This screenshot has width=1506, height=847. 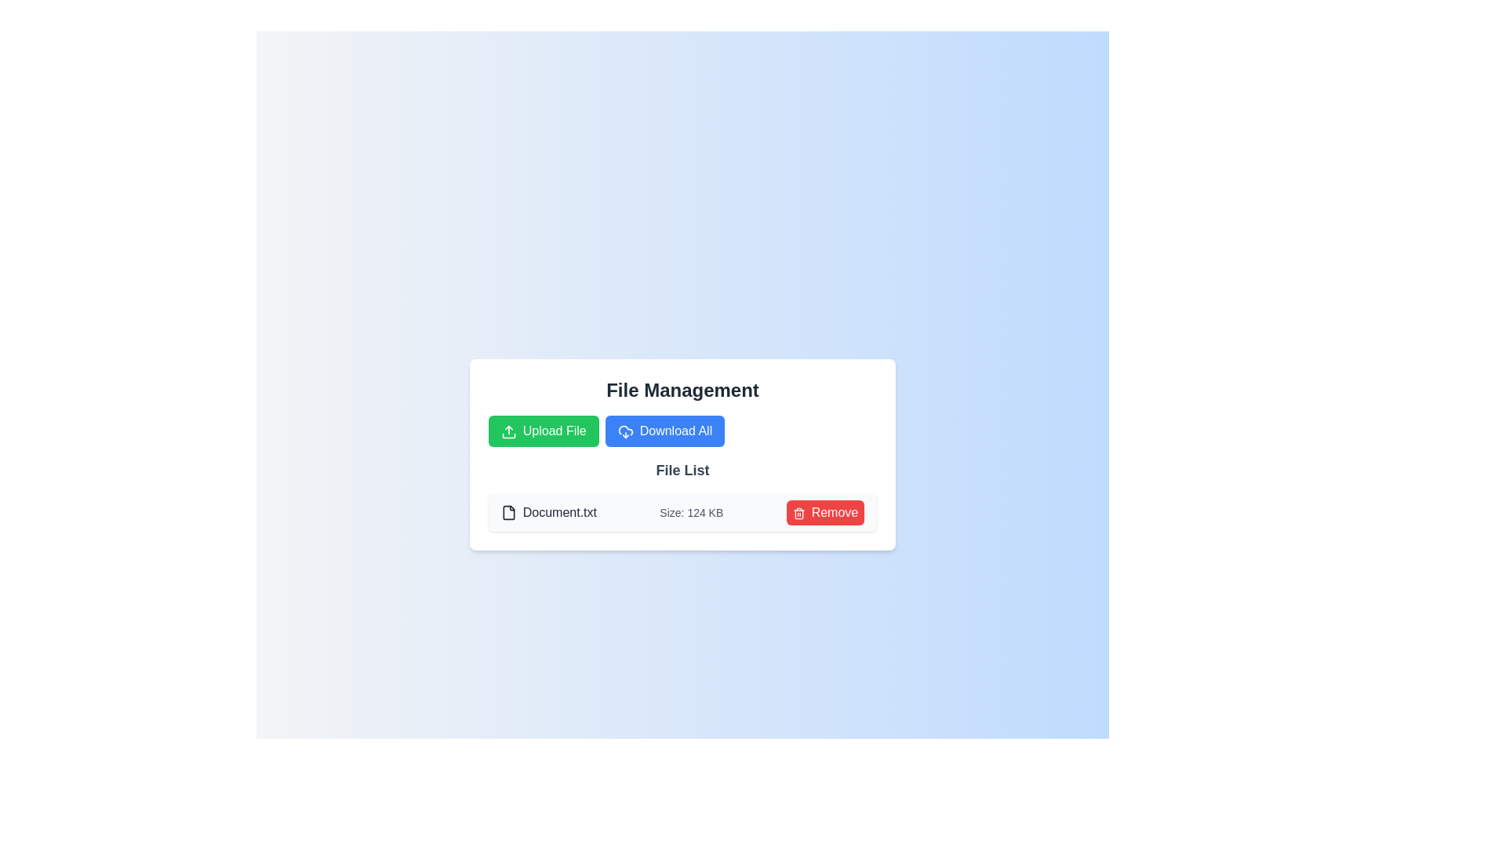 I want to click on the 'Upload File' button, which contains an SVG icon representing the upload functionality, located at the leftmost position of the button, so click(x=508, y=431).